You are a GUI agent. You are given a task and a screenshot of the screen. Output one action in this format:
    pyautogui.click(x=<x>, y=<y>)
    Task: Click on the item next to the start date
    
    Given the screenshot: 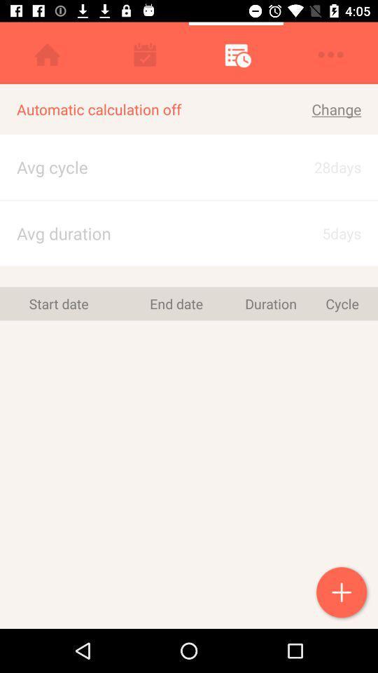 What is the action you would take?
    pyautogui.click(x=176, y=304)
    